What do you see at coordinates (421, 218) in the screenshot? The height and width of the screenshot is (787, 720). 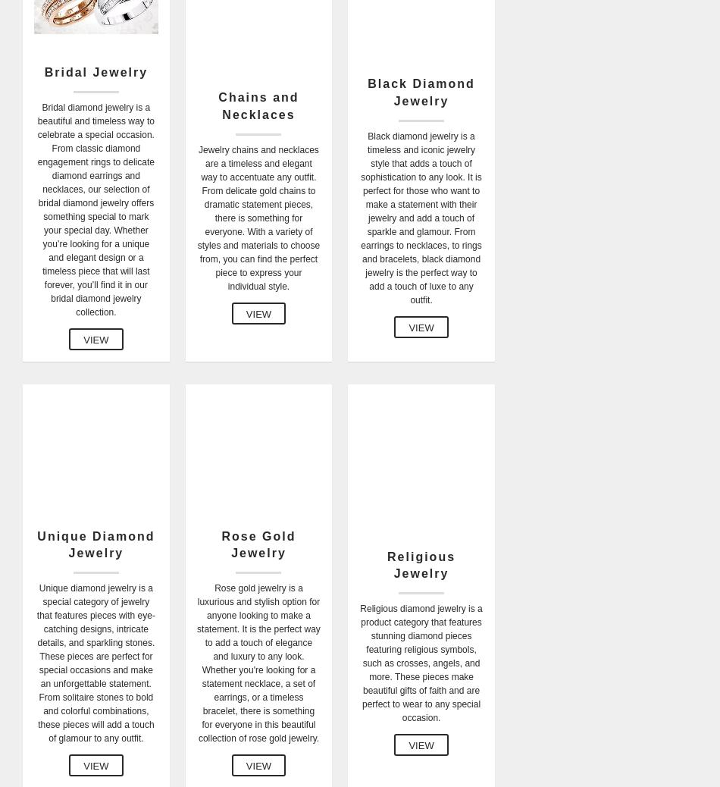 I see `'Black diamond jewelry is a timeless and iconic jewelry style that adds a touch of sophistication to any look. It is perfect for those who want to make a statement with their jewelry and add a touch of sparkle and glamour. From earrings to necklaces, to rings and bracelets, black diamond jewelry is the perfect way to add a touch of luxe to any outfit.'` at bounding box center [421, 218].